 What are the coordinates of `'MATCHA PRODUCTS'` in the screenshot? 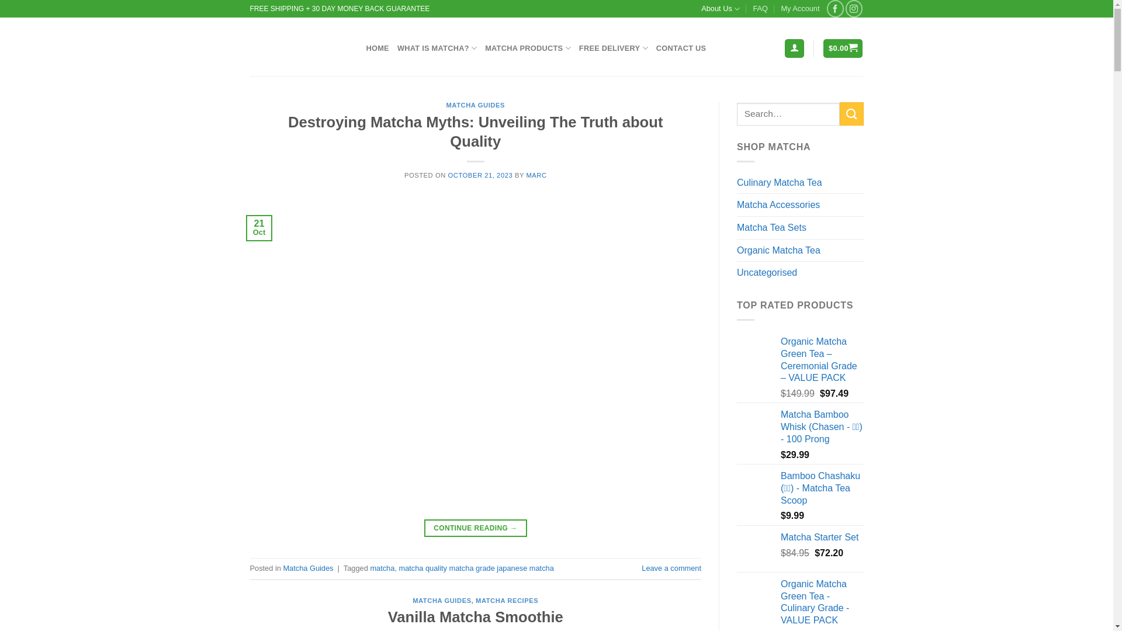 It's located at (485, 47).